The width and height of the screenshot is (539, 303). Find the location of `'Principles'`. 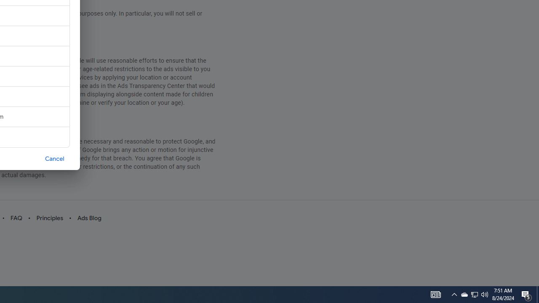

'Principles' is located at coordinates (49, 218).